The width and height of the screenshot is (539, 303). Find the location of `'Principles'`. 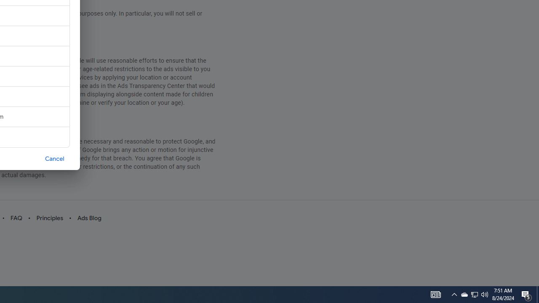

'Principles' is located at coordinates (49, 218).